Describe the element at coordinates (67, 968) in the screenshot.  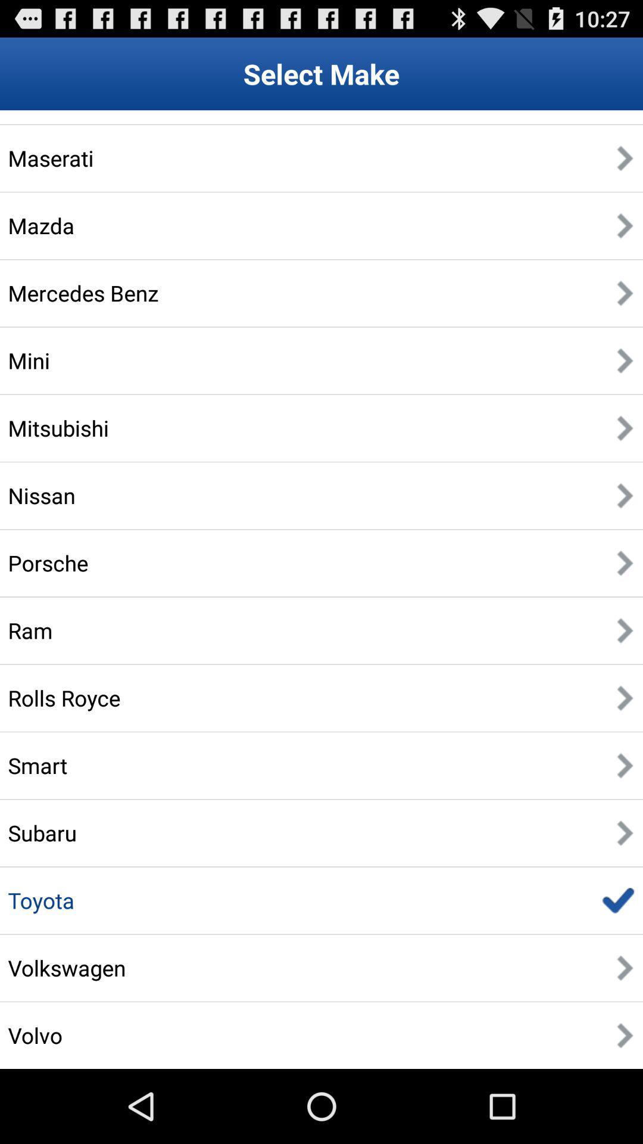
I see `the item above the volvo icon` at that location.